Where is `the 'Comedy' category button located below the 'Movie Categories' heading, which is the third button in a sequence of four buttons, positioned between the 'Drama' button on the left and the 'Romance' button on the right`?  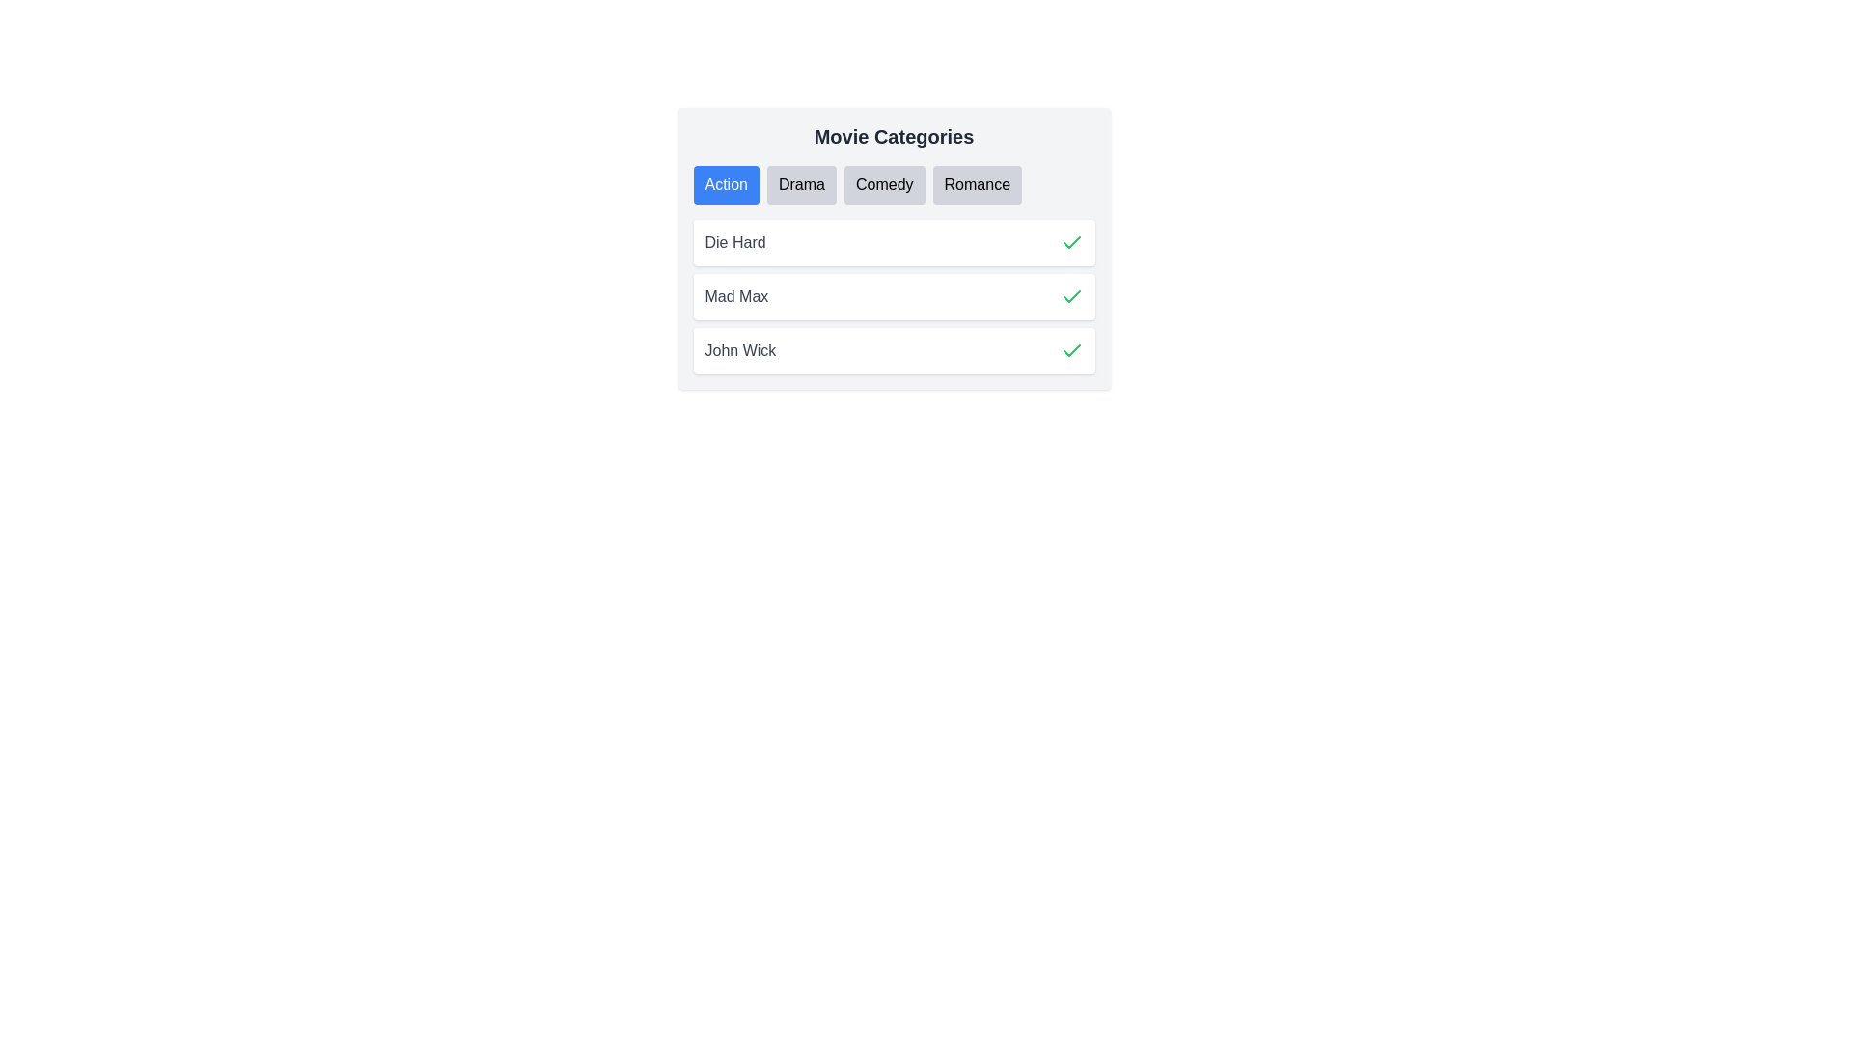
the 'Comedy' category button located below the 'Movie Categories' heading, which is the third button in a sequence of four buttons, positioned between the 'Drama' button on the left and the 'Romance' button on the right is located at coordinates (883, 185).